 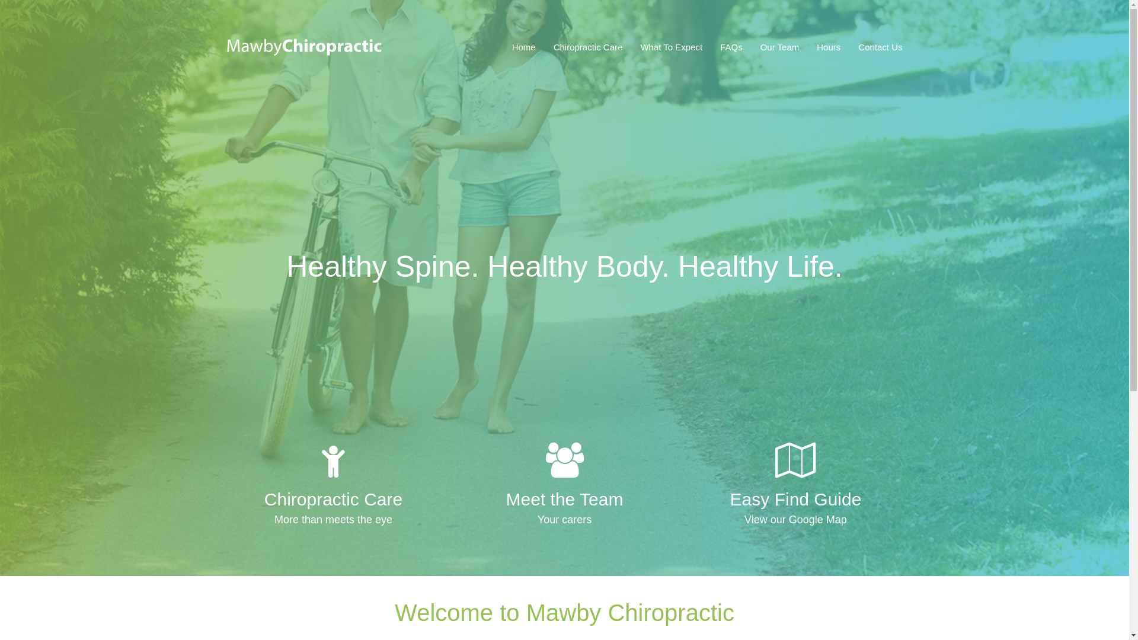 What do you see at coordinates (563, 486) in the screenshot?
I see `'Meet the Team` at bounding box center [563, 486].